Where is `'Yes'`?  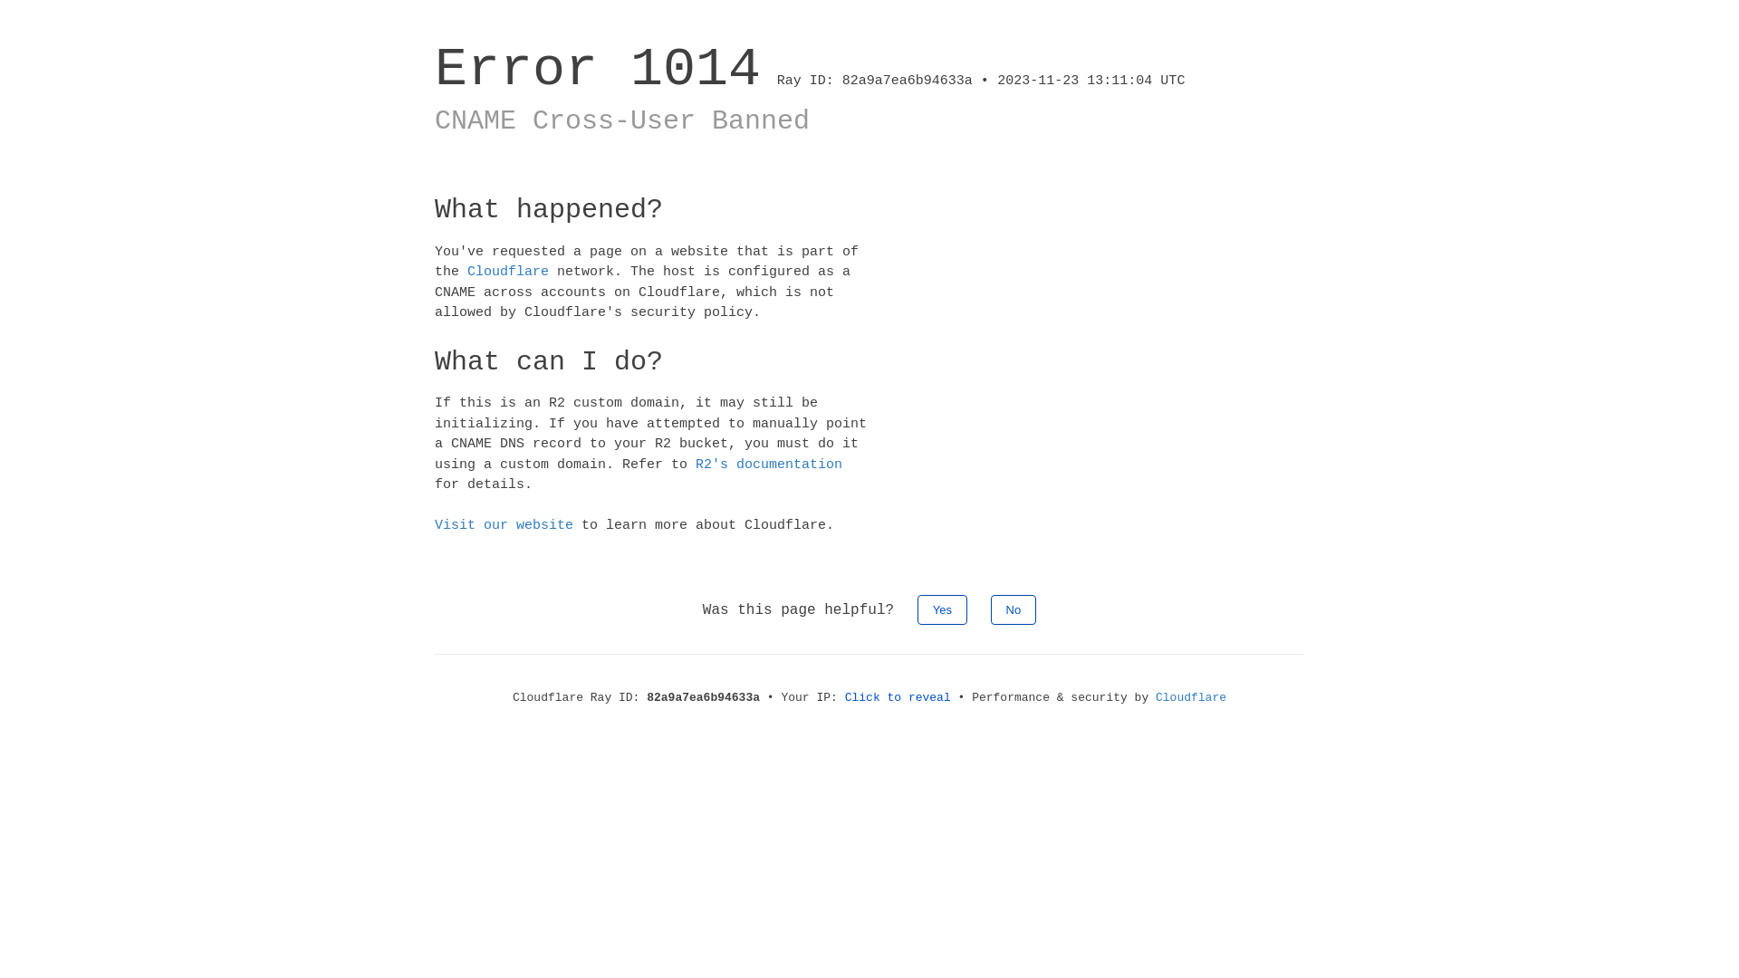
'Yes' is located at coordinates (942, 609).